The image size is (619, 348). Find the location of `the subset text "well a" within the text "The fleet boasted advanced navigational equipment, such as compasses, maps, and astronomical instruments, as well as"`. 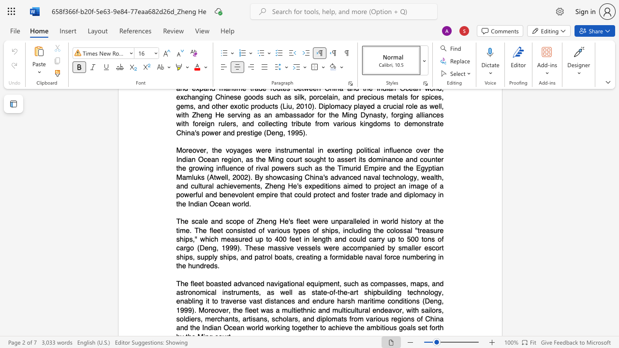

the subset text "well a" within the text "The fleet boasted advanced navigational equipment, such as compasses, maps, and astronomical instruments, as well as" is located at coordinates (280, 291).